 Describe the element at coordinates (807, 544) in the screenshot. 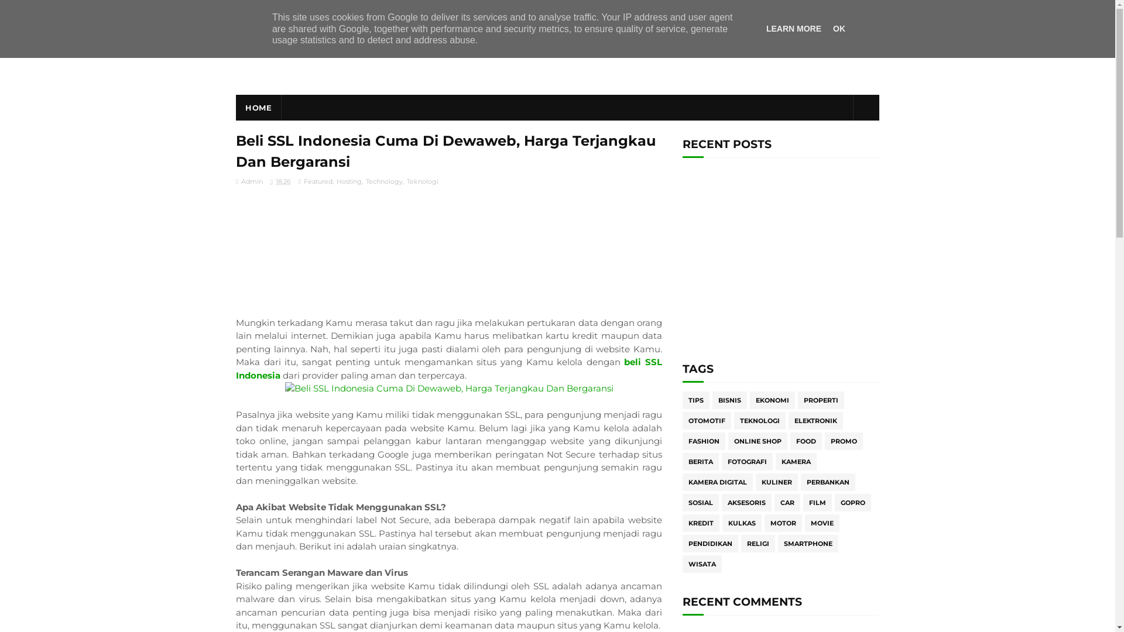

I see `'SMARTPHONE'` at that location.